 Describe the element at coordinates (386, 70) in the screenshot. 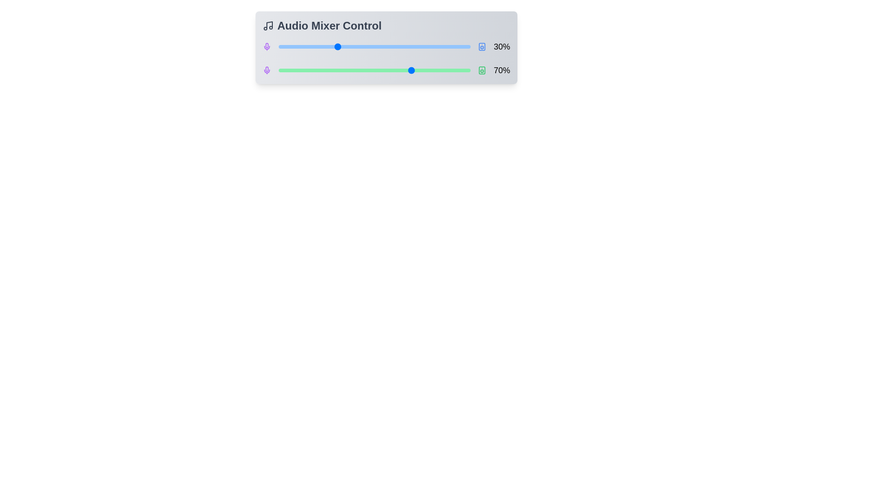

I see `the slider track of the horizontal audio mixer slider located below the '30%' slider to set a new value` at that location.